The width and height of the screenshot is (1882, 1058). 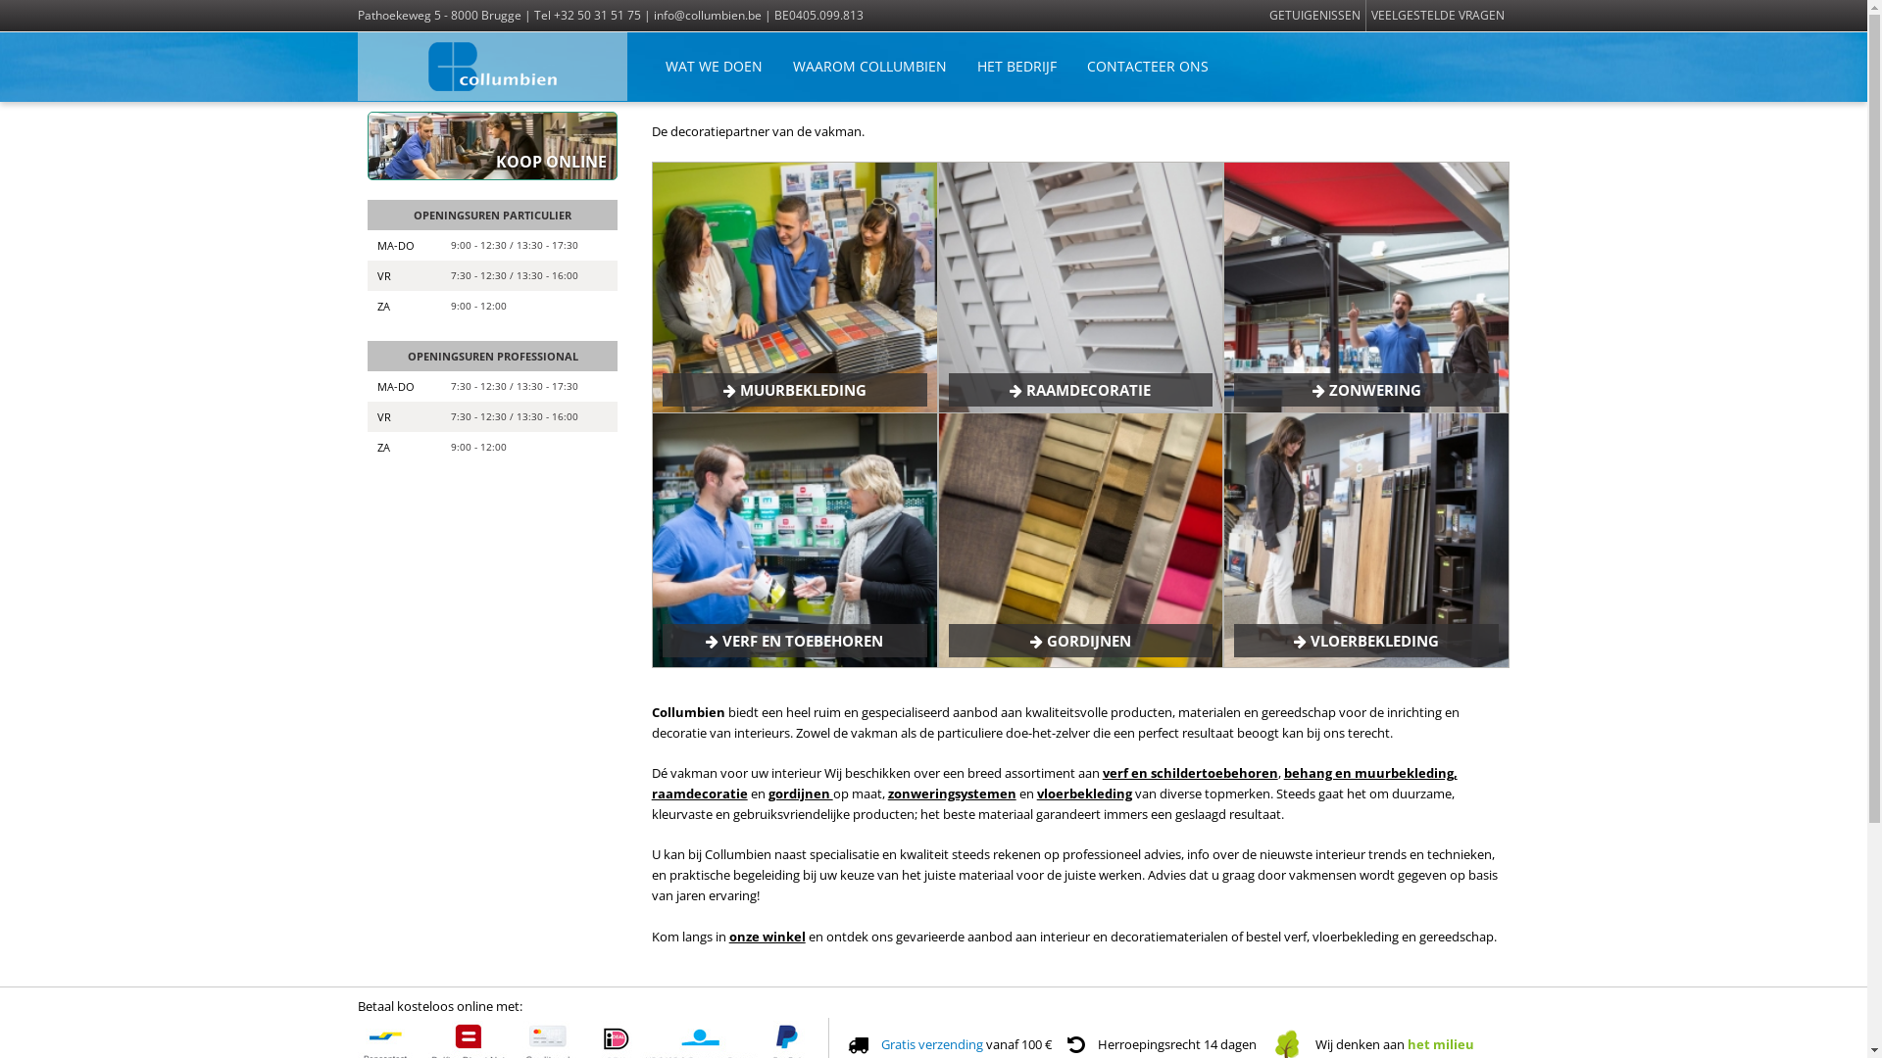 I want to click on 'zonweringsystemen', so click(x=952, y=793).